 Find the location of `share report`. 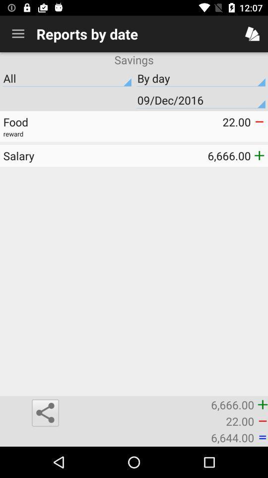

share report is located at coordinates (45, 413).